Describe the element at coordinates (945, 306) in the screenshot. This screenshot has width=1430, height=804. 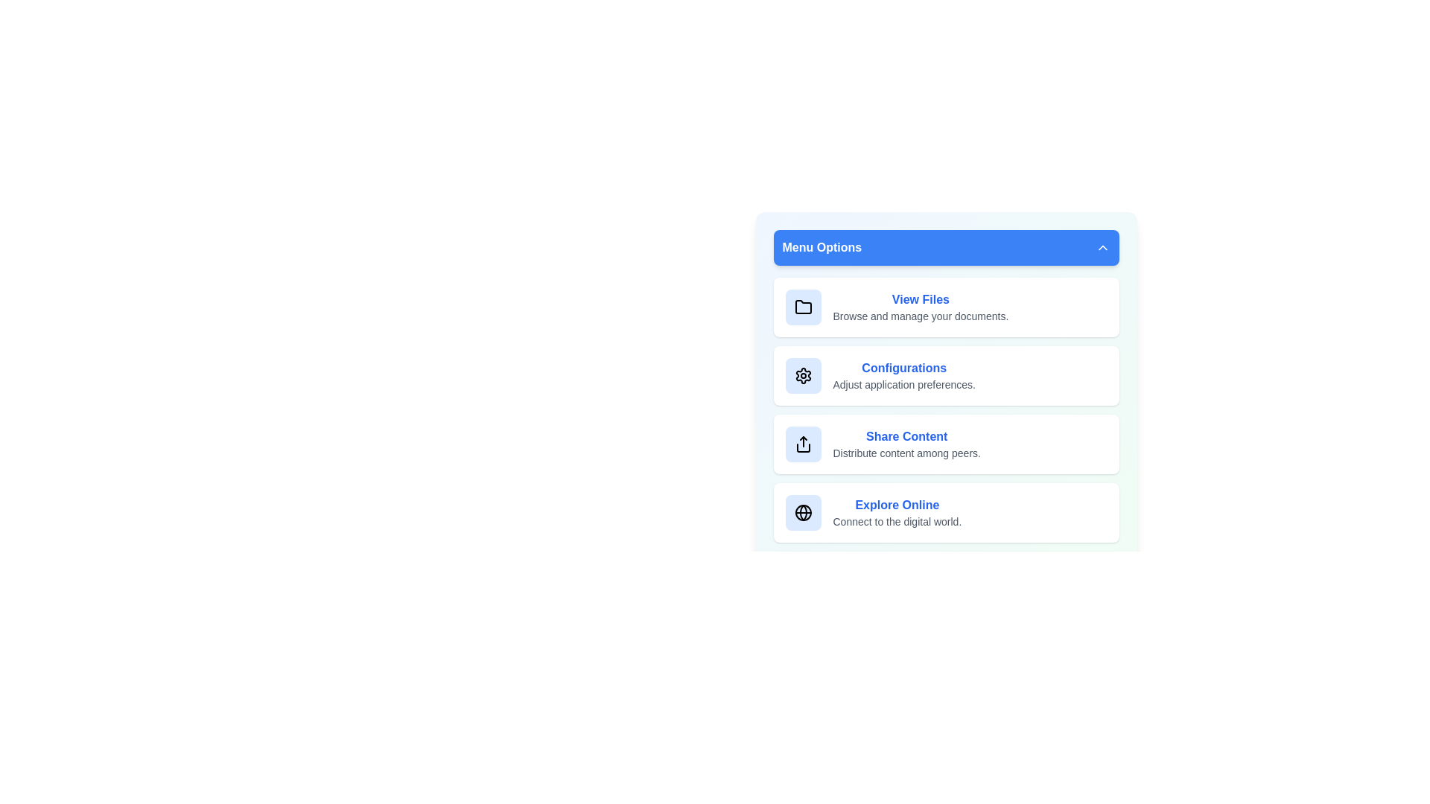
I see `the menu item corresponding to View Files` at that location.